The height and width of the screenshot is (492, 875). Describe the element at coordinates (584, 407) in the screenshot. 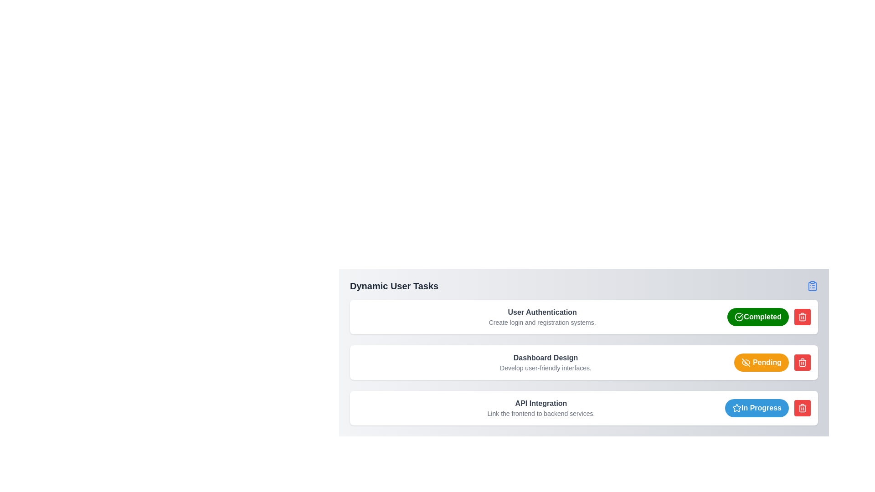

I see `the Task summary card labeled 'API Integration' which features a blue 'In Progress' button and a red trash button` at that location.